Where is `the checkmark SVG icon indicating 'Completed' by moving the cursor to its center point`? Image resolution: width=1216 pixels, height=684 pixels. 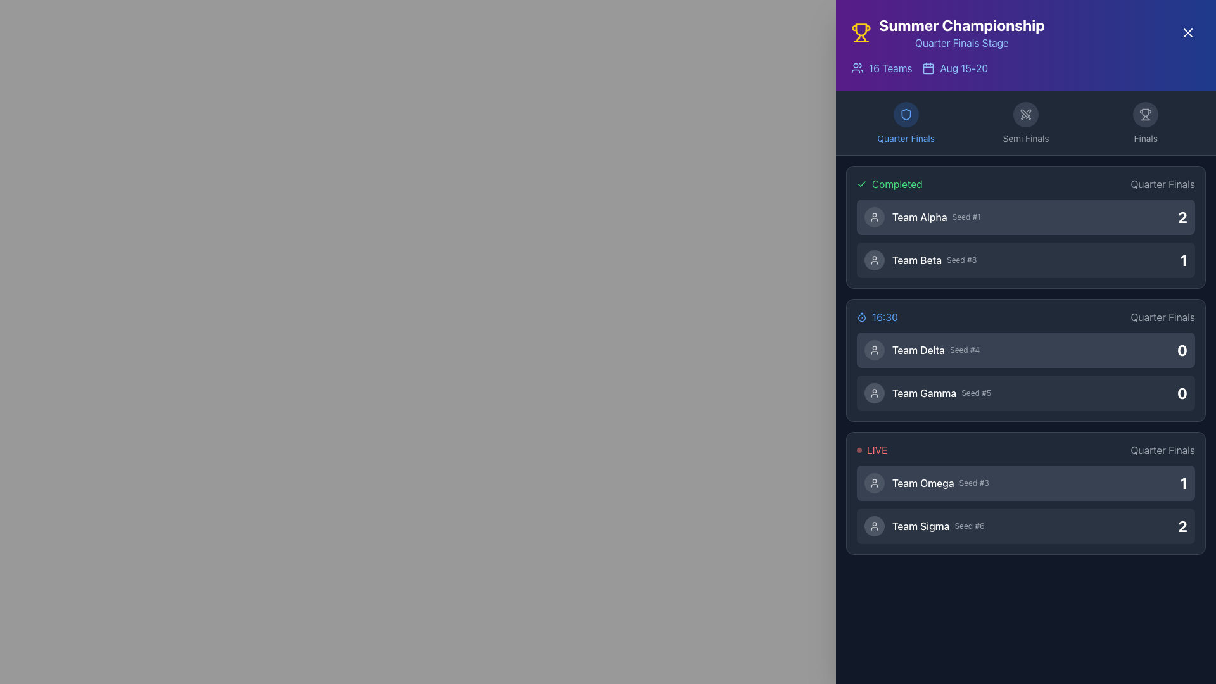 the checkmark SVG icon indicating 'Completed' by moving the cursor to its center point is located at coordinates (861, 184).